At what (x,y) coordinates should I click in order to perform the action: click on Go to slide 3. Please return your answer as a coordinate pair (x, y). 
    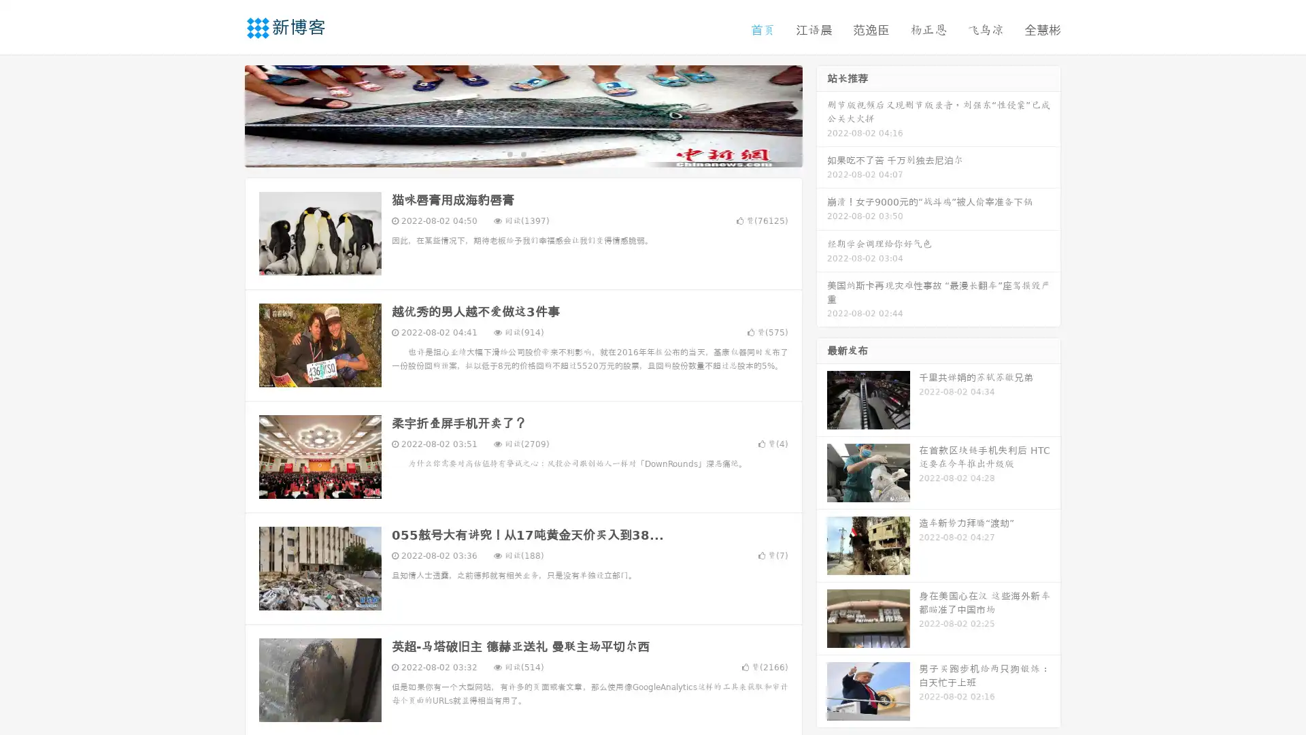
    Looking at the image, I should click on (537, 153).